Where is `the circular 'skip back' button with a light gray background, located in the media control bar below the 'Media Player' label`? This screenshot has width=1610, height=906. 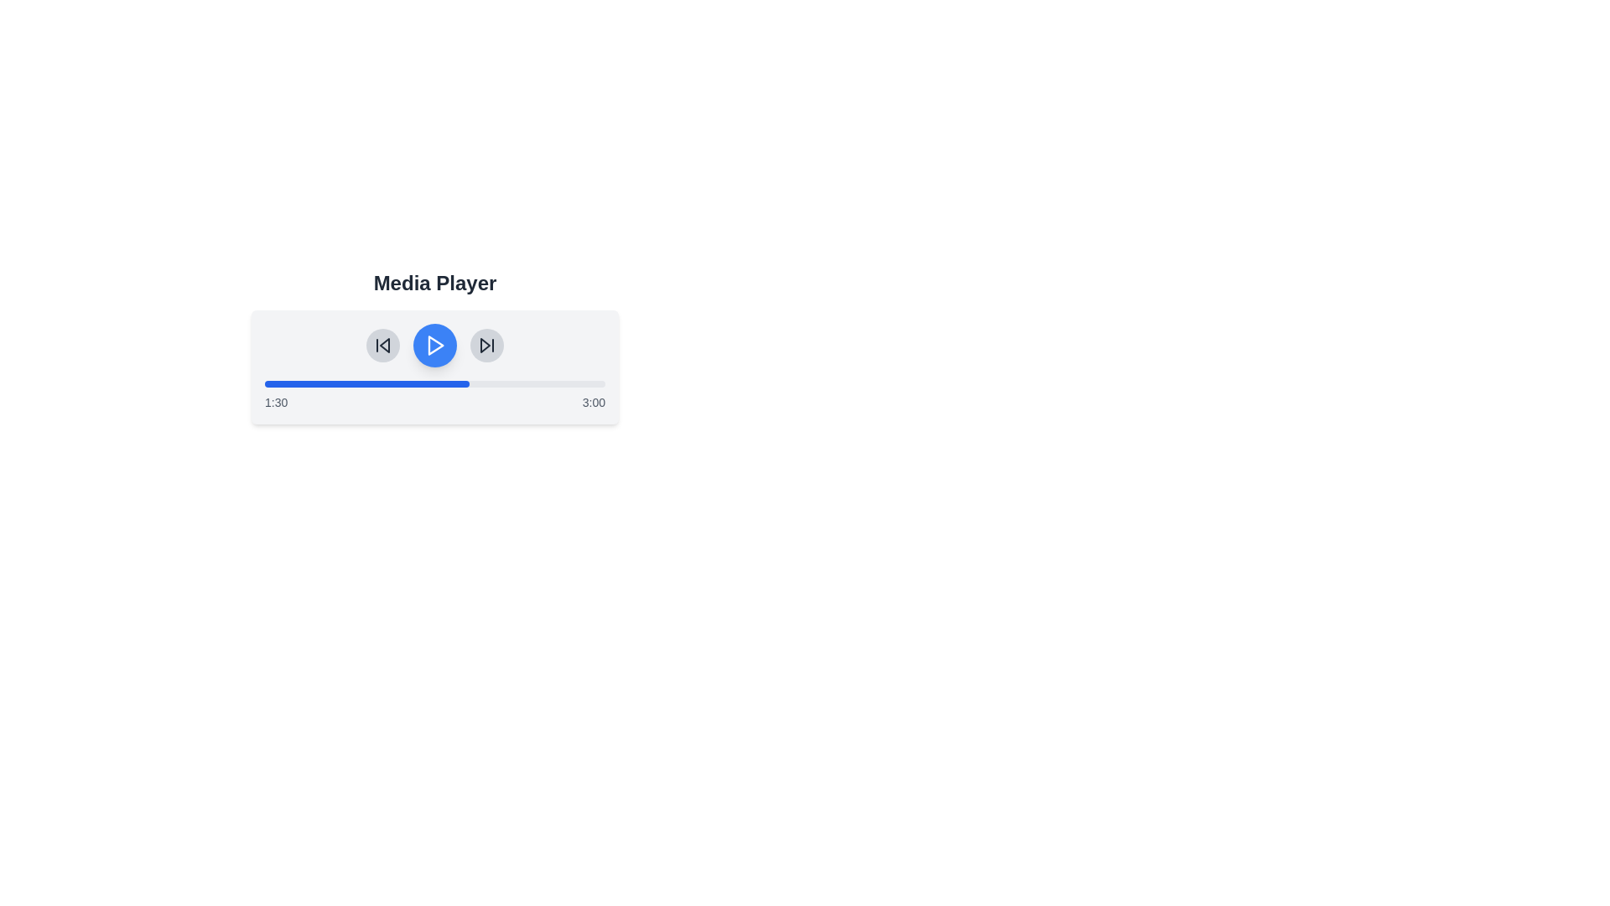 the circular 'skip back' button with a light gray background, located in the media control bar below the 'Media Player' label is located at coordinates (382, 345).